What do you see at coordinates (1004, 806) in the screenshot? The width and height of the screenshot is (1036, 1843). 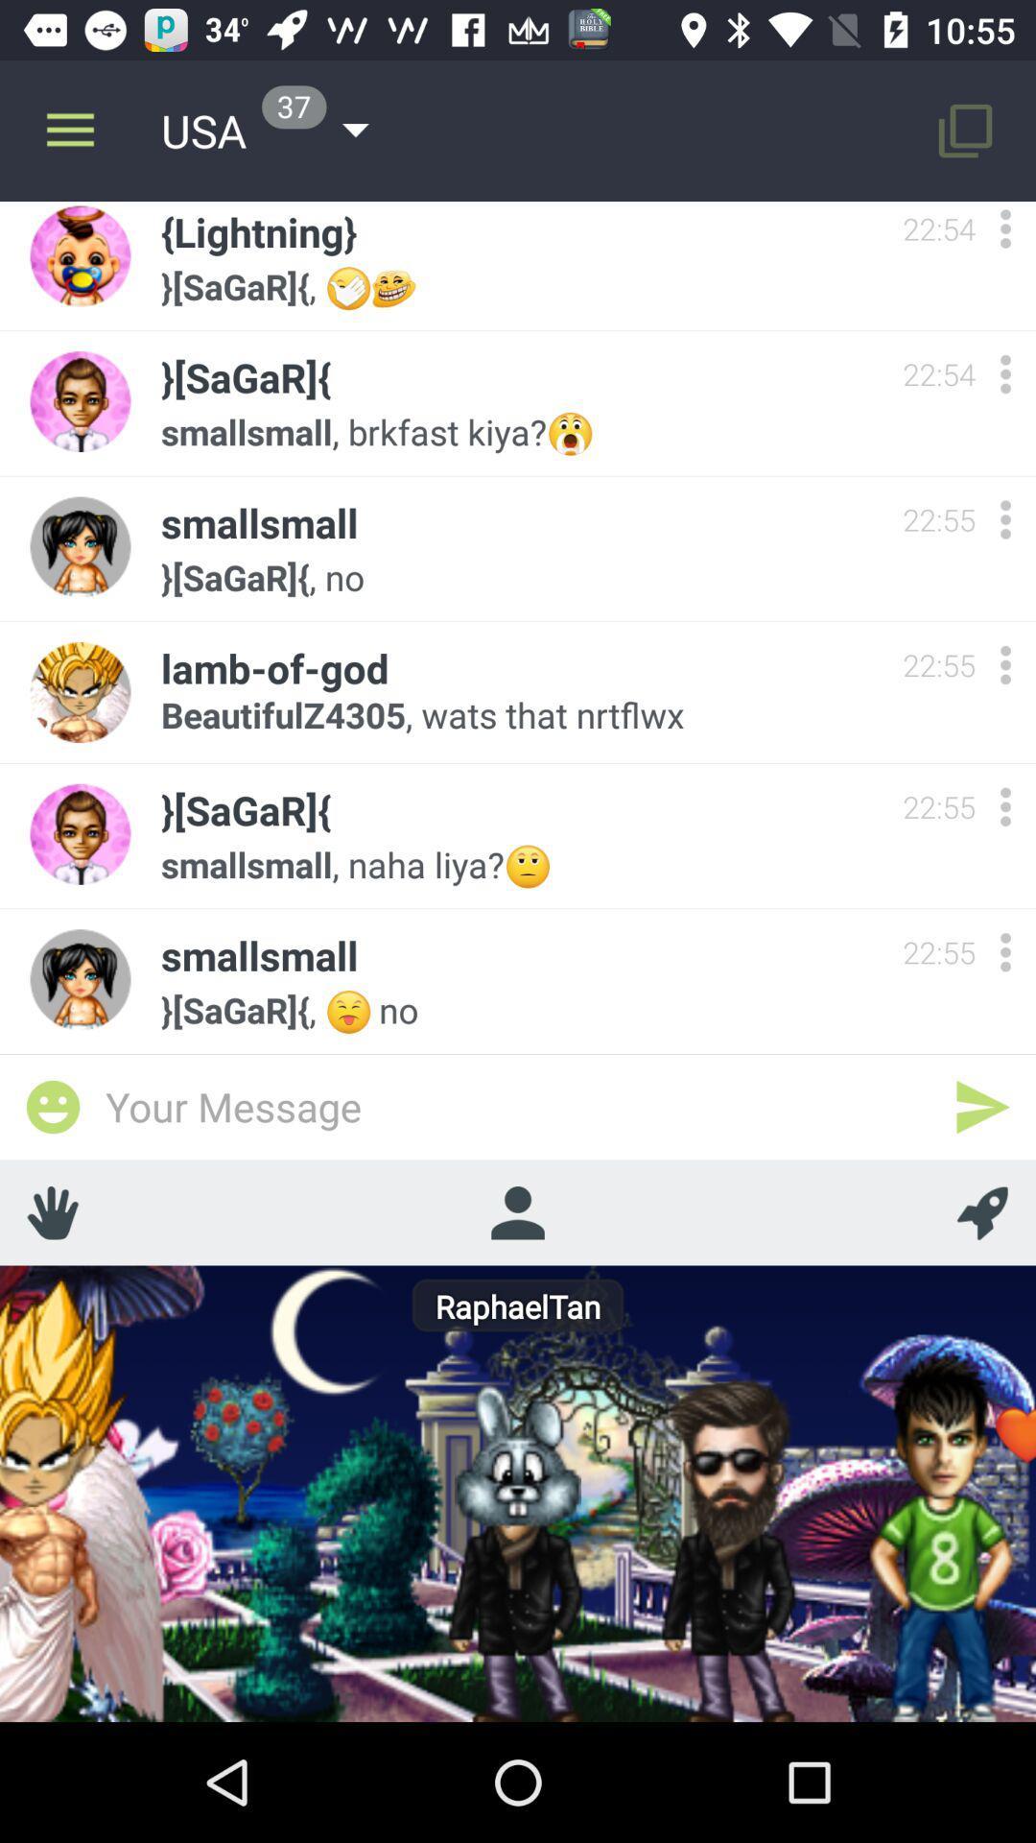 I see `more informations` at bounding box center [1004, 806].